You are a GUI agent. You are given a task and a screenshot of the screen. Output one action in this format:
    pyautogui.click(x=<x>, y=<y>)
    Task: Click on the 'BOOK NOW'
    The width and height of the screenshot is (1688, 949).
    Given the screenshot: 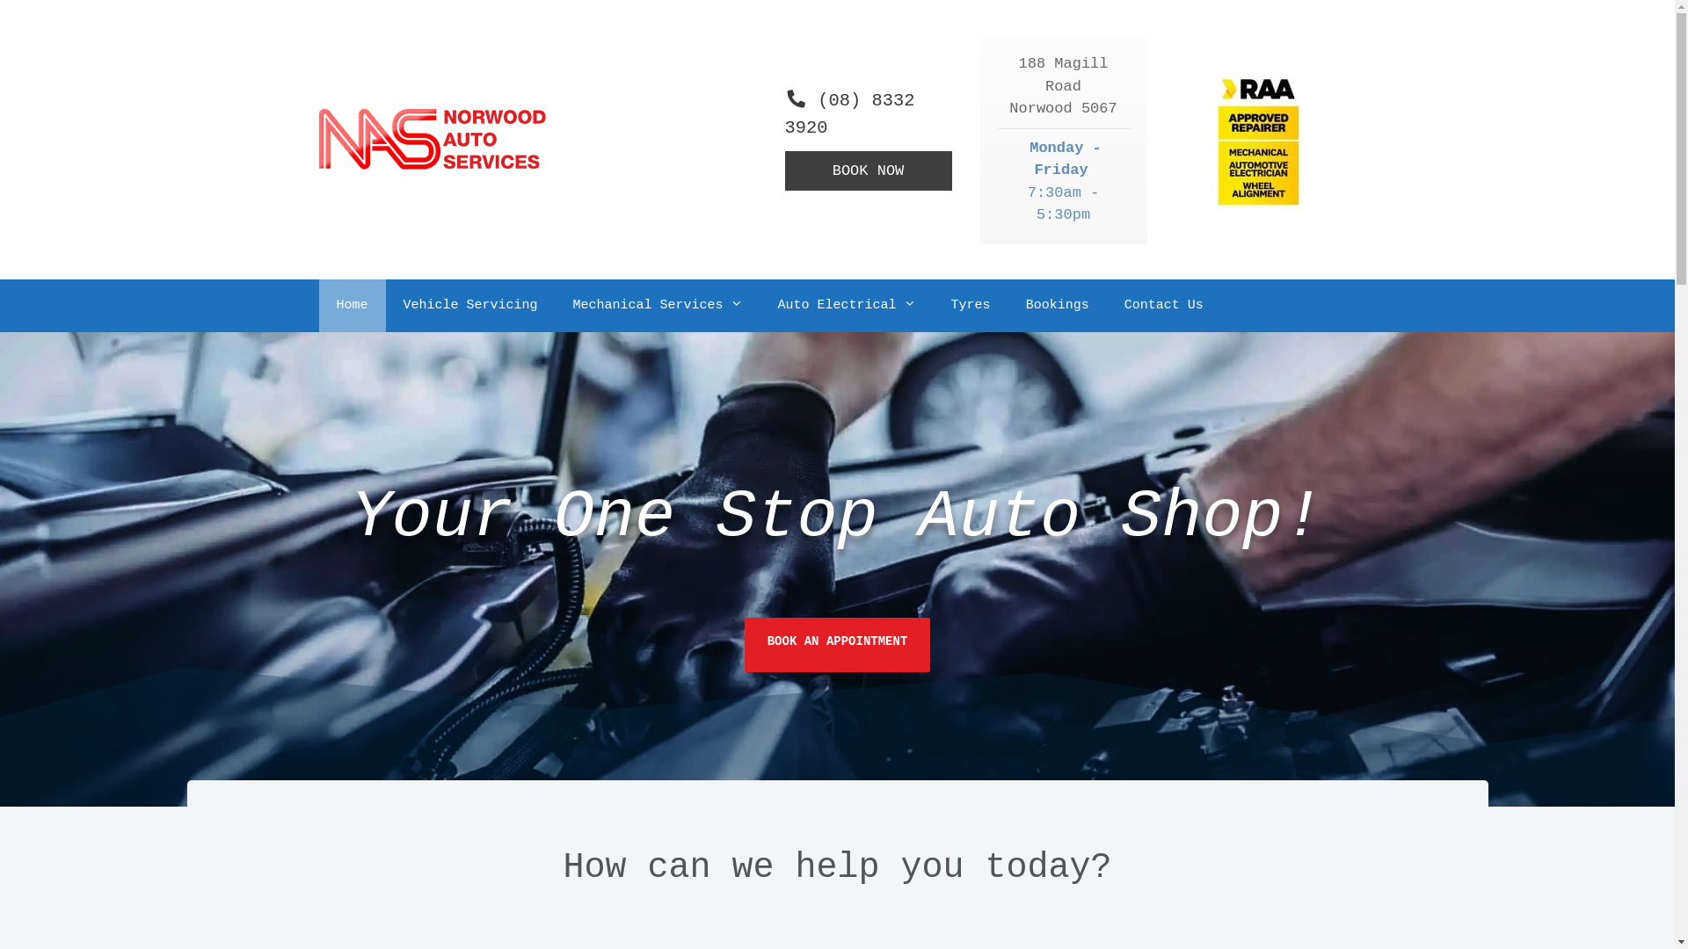 What is the action you would take?
    pyautogui.click(x=868, y=171)
    